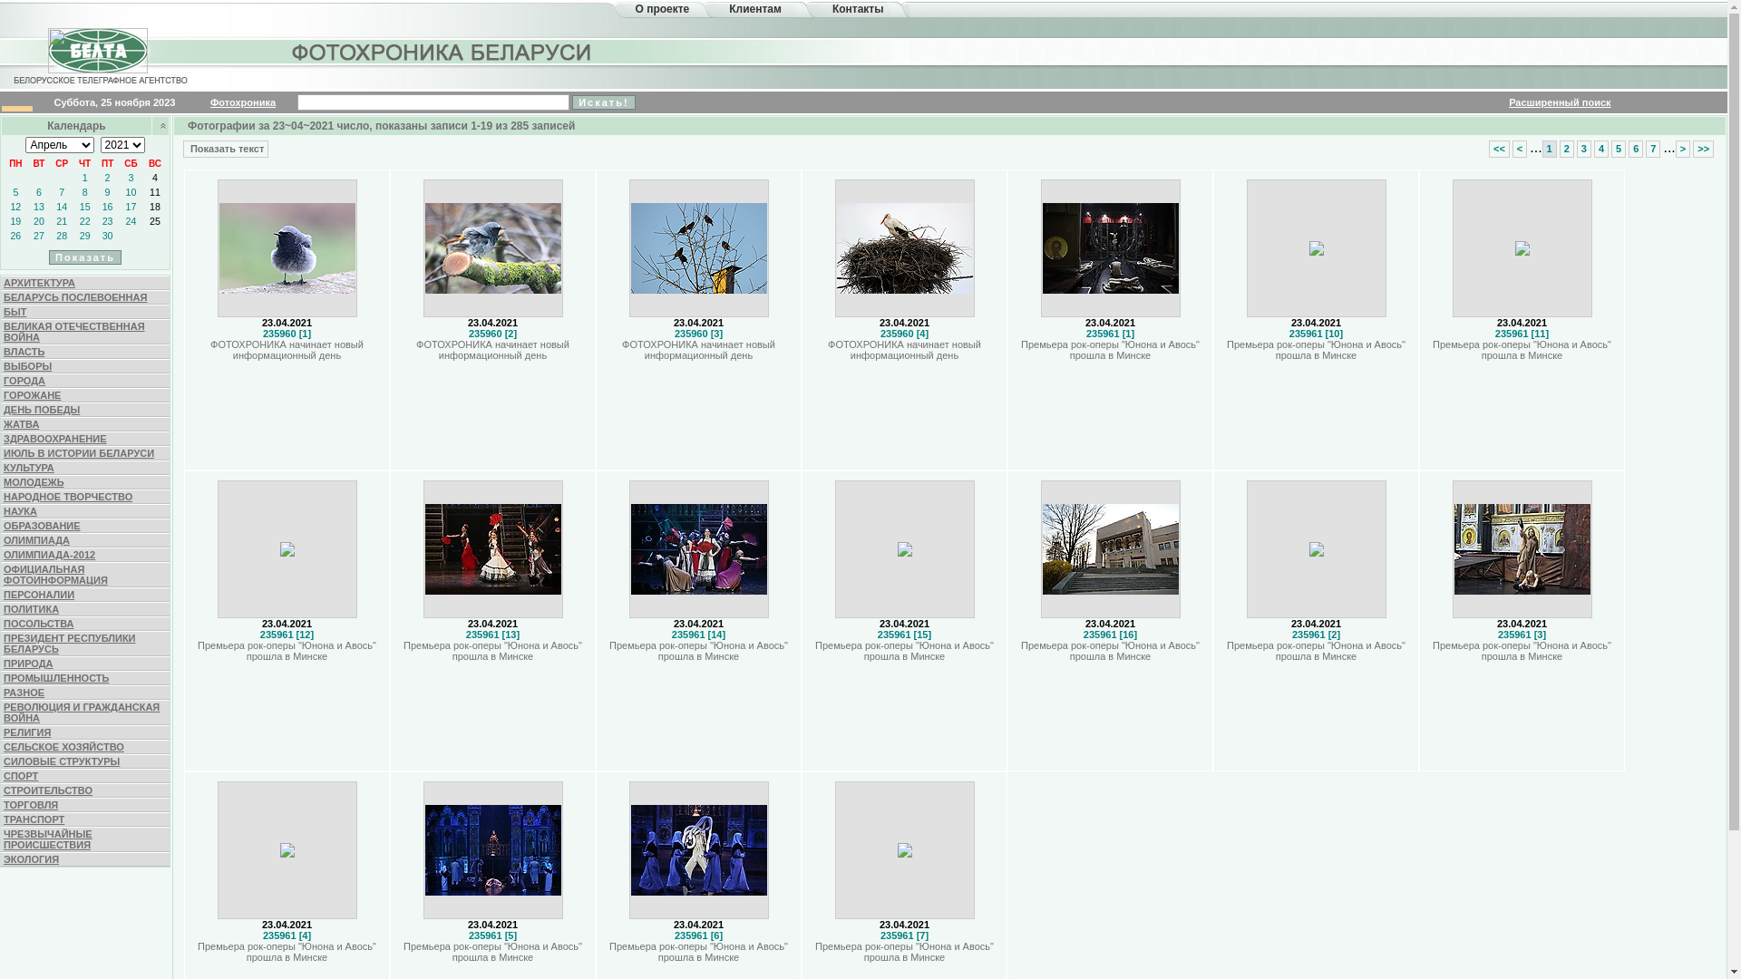 The height and width of the screenshot is (979, 1741). I want to click on '3', so click(130, 178).